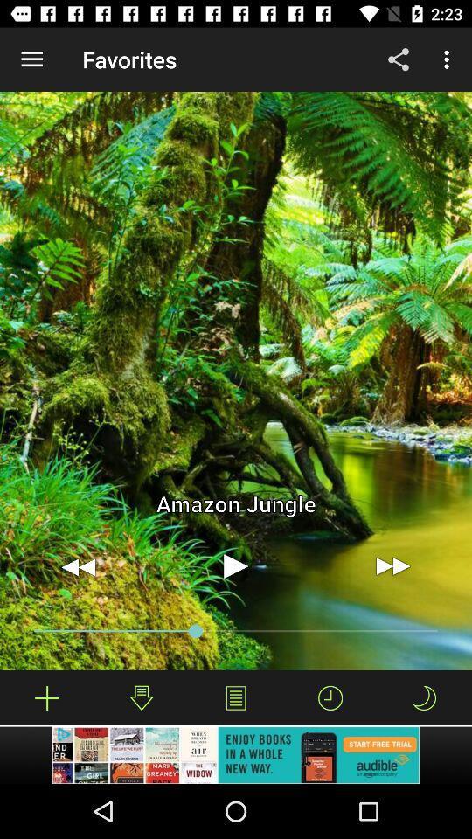  What do you see at coordinates (398, 59) in the screenshot?
I see `item next to the favorites` at bounding box center [398, 59].